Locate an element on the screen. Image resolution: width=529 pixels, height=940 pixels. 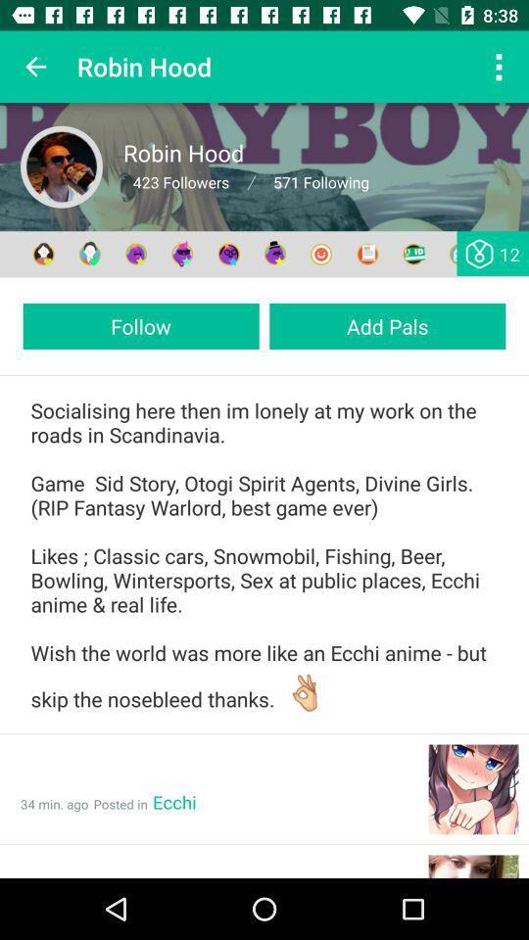
profile avatar is located at coordinates (62, 165).